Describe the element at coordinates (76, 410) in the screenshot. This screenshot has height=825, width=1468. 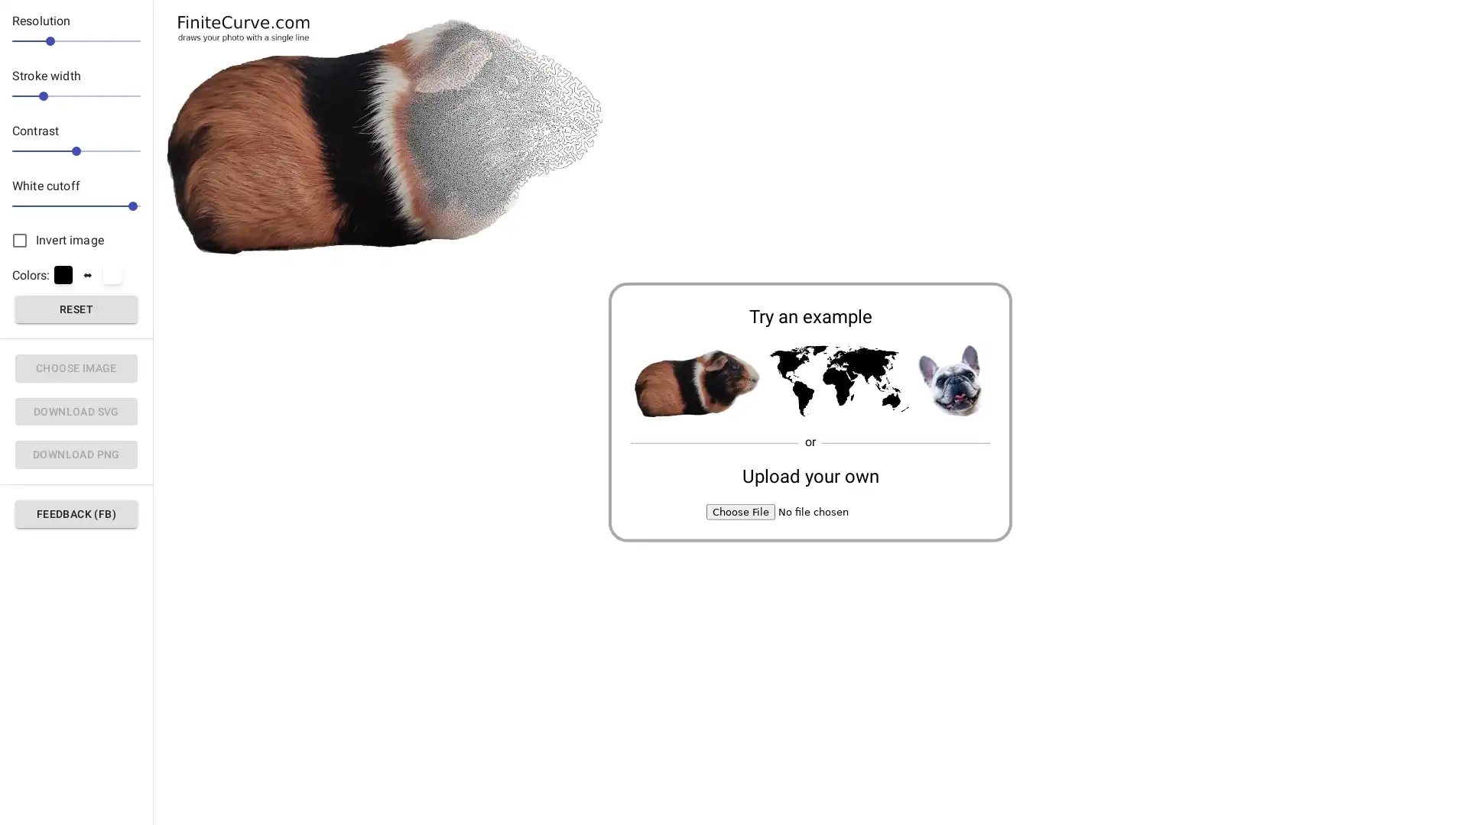
I see `DOWNLOAD SVG` at that location.